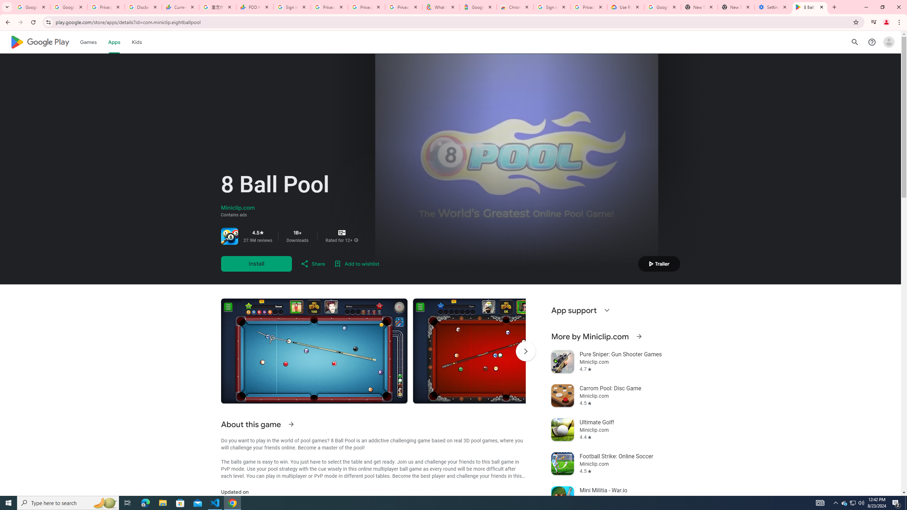 The height and width of the screenshot is (510, 907). What do you see at coordinates (736, 7) in the screenshot?
I see `'New Tab'` at bounding box center [736, 7].